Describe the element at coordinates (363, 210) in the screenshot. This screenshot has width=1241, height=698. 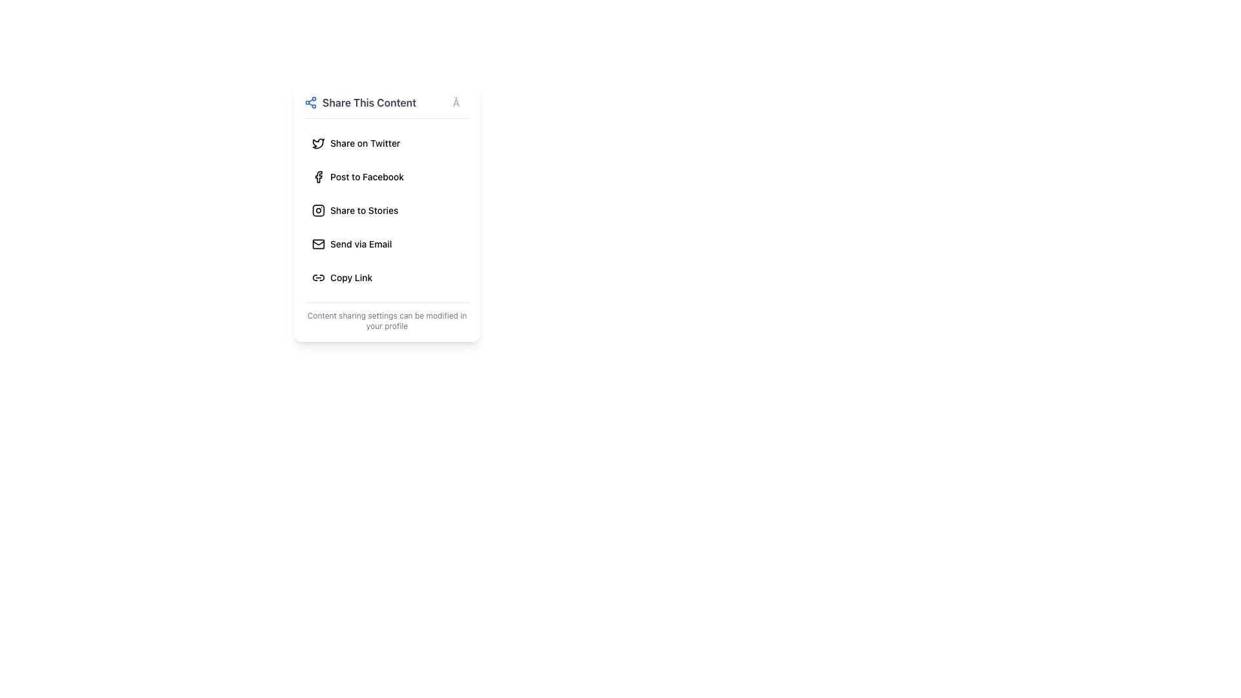
I see `the 'Share to Stories' menu option, which is the third item in the vertical list of sharing options, to initiate the sharing process` at that location.